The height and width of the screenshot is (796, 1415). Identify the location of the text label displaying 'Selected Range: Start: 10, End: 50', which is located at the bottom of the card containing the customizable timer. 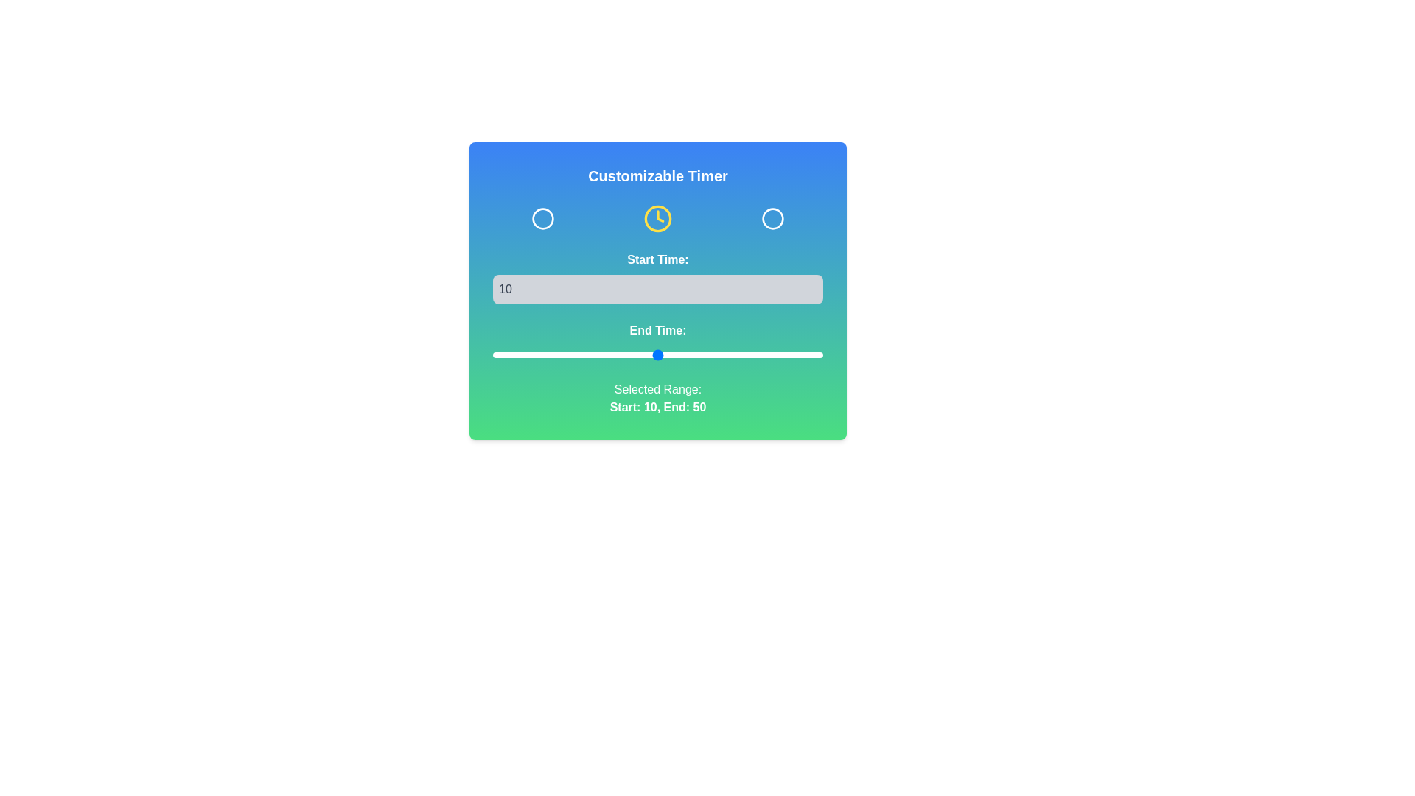
(657, 398).